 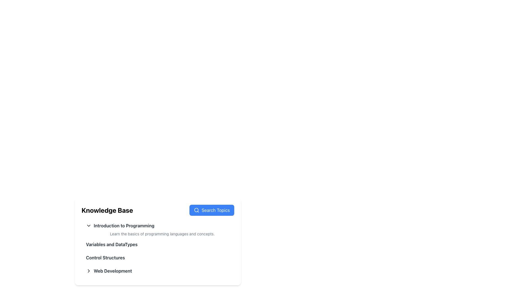 I want to click on the rightward-pointing chevron icon located to the left of the 'Web Development' text, so click(x=89, y=271).